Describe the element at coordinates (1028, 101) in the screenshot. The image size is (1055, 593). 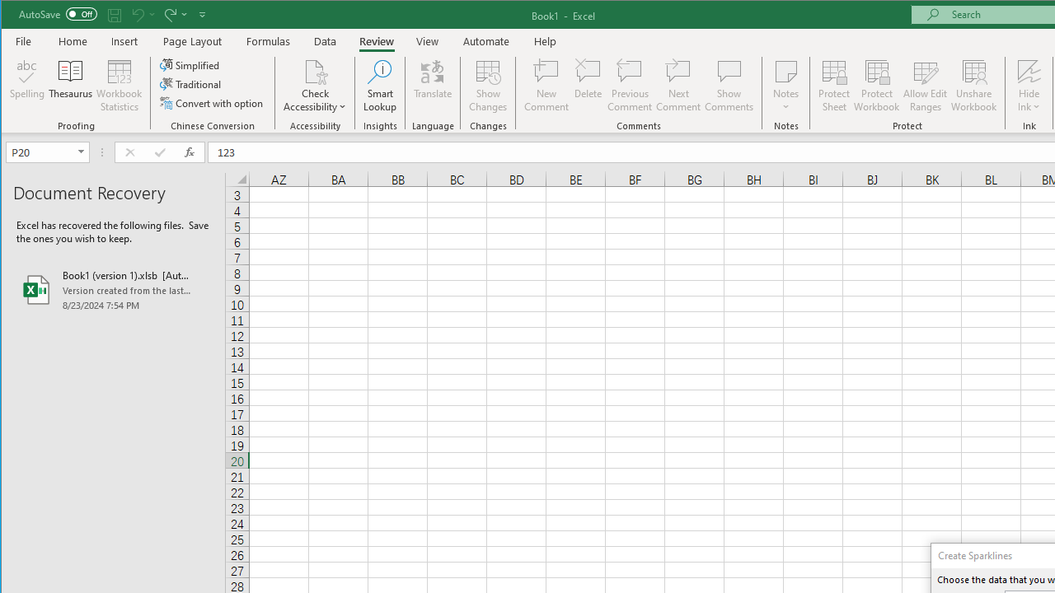
I see `'More Options'` at that location.